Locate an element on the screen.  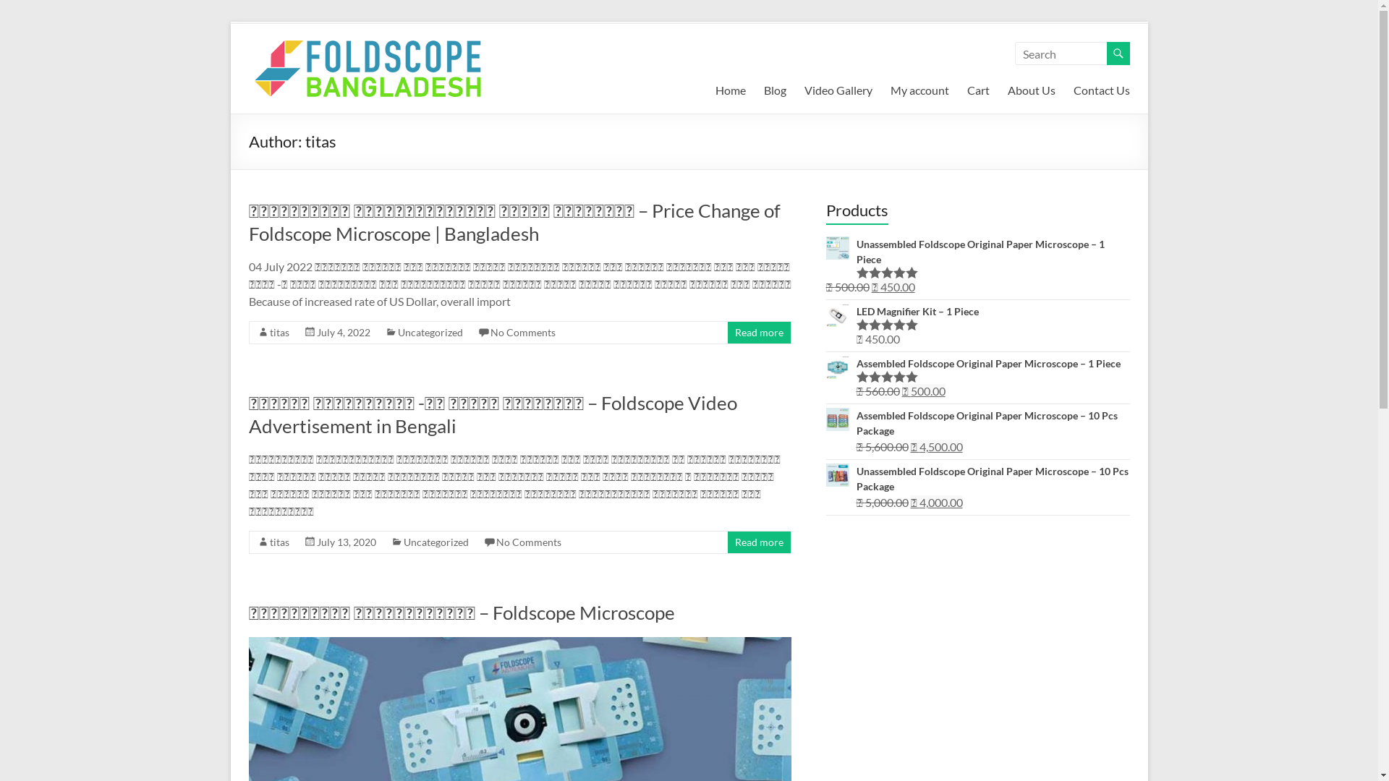
'Read more' is located at coordinates (735, 542).